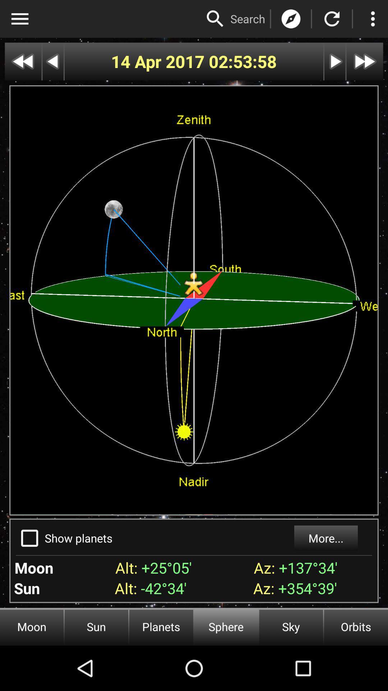 Image resolution: width=388 pixels, height=691 pixels. Describe the element at coordinates (365, 62) in the screenshot. I see `go forward` at that location.